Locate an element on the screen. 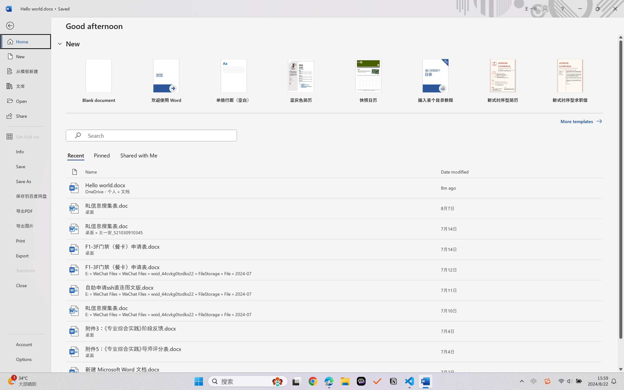 Image resolution: width=624 pixels, height=390 pixels. 'Get Add-ins' is located at coordinates (25, 136).